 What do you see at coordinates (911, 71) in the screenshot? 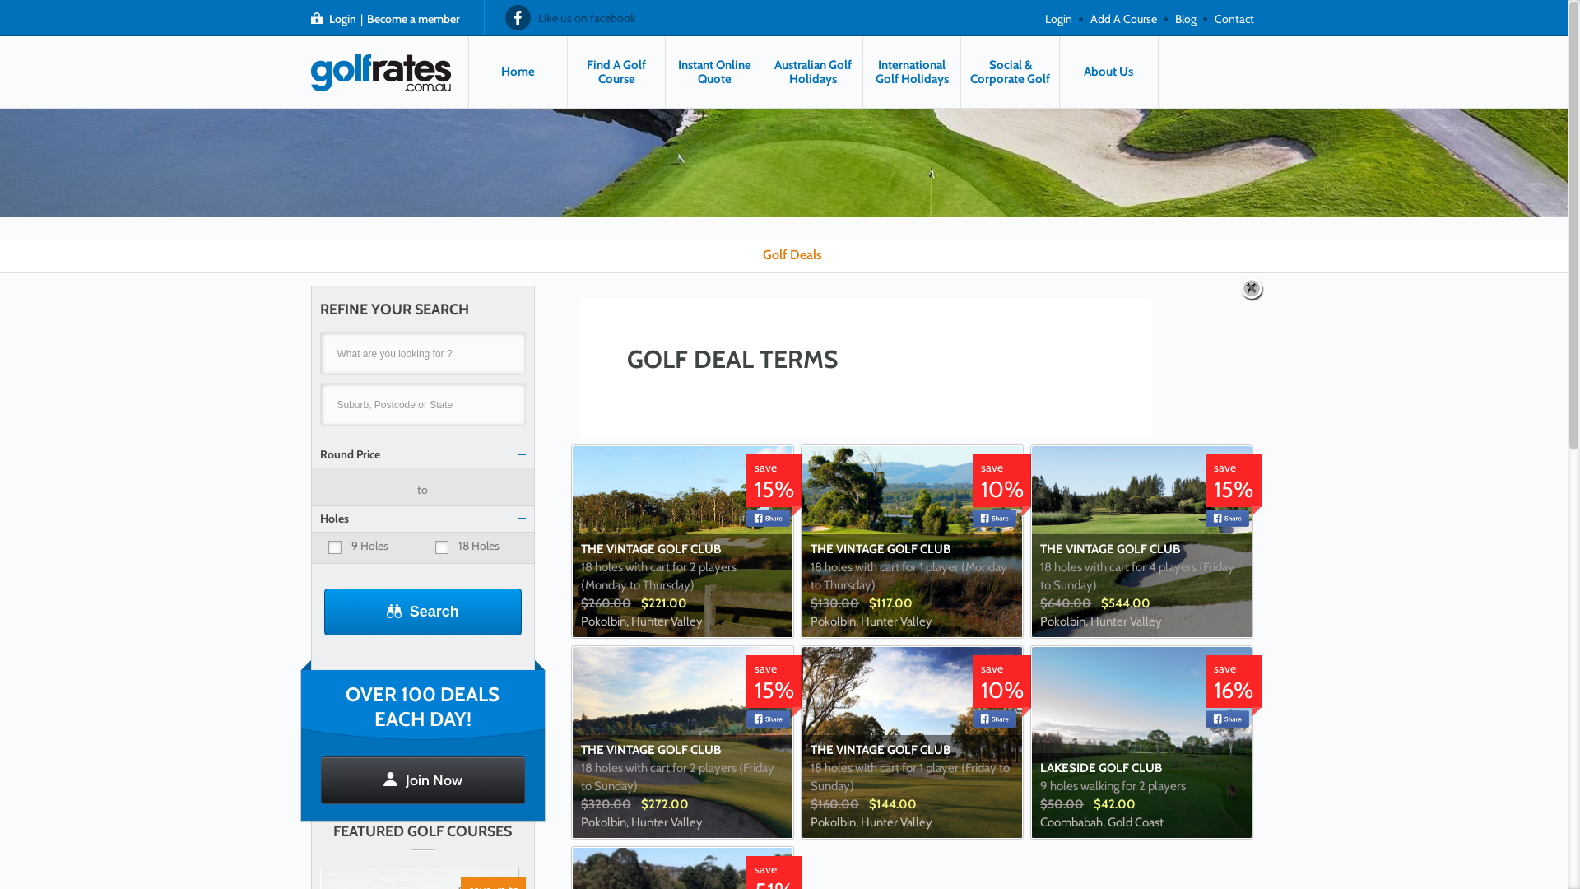
I see `'International Golf Holidays'` at bounding box center [911, 71].